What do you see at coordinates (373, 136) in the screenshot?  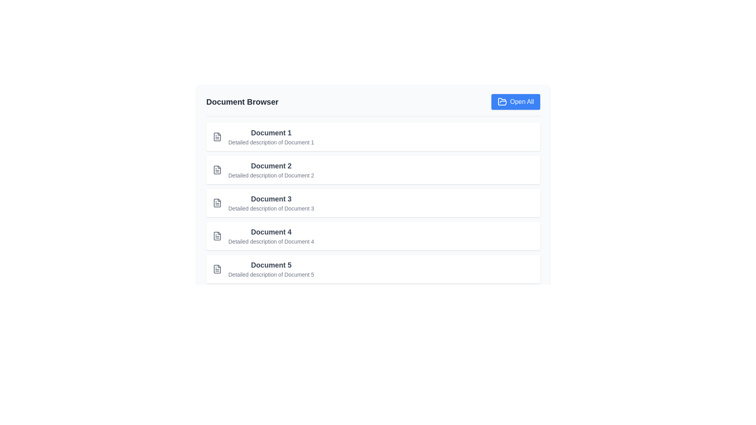 I see `the first card listing titled 'Document 1' in the Document Browser by moving the cursor to its center` at bounding box center [373, 136].